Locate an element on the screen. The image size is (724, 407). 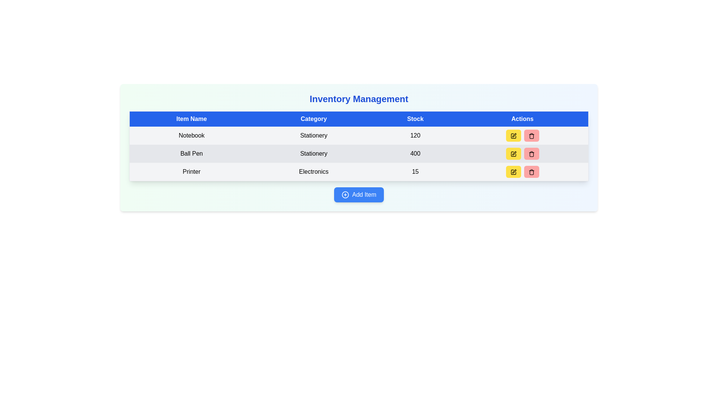
the static text element displaying 'Ball Pen', which is located in the second row of the table's first column under the 'Item Name' header is located at coordinates (191, 153).